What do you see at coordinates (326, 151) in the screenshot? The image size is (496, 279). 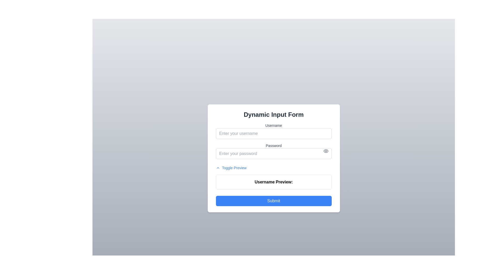 I see `the small eye icon, which is styled with an outline design and located next to the password input field` at bounding box center [326, 151].